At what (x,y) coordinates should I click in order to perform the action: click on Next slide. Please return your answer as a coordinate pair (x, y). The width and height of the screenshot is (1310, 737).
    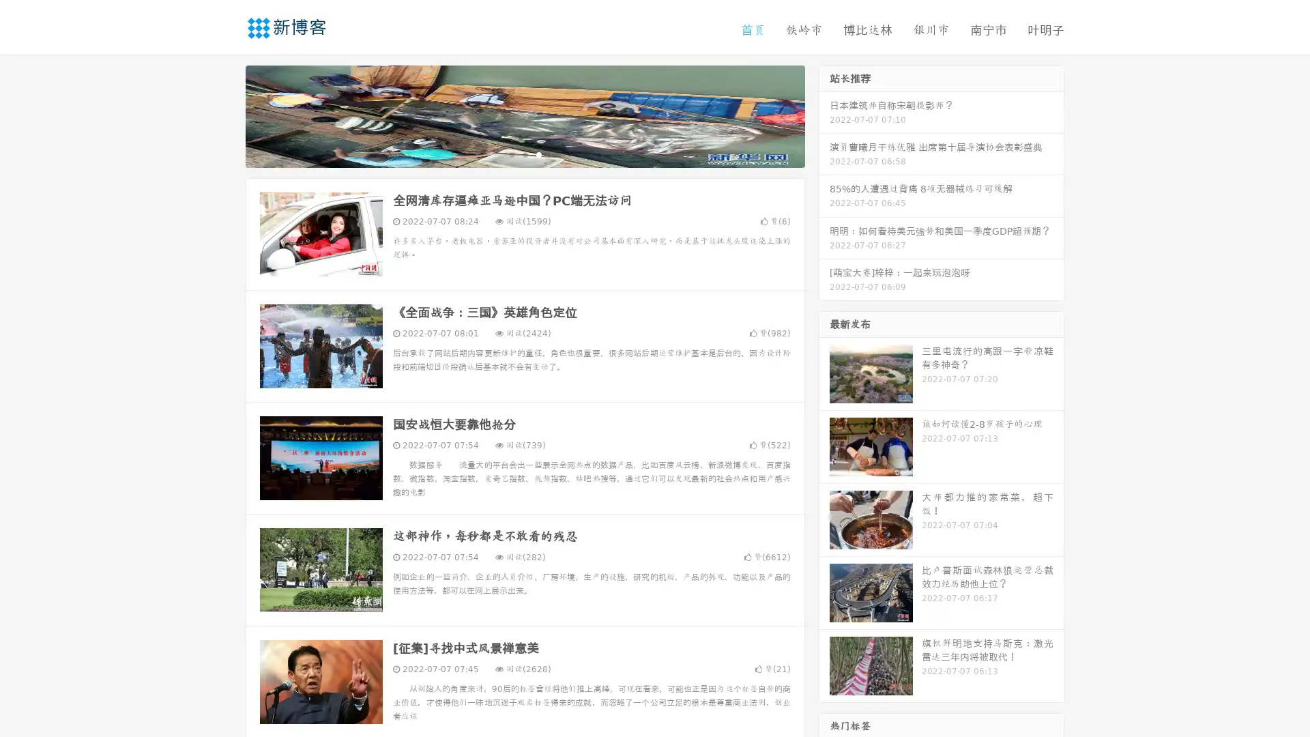
    Looking at the image, I should click on (824, 115).